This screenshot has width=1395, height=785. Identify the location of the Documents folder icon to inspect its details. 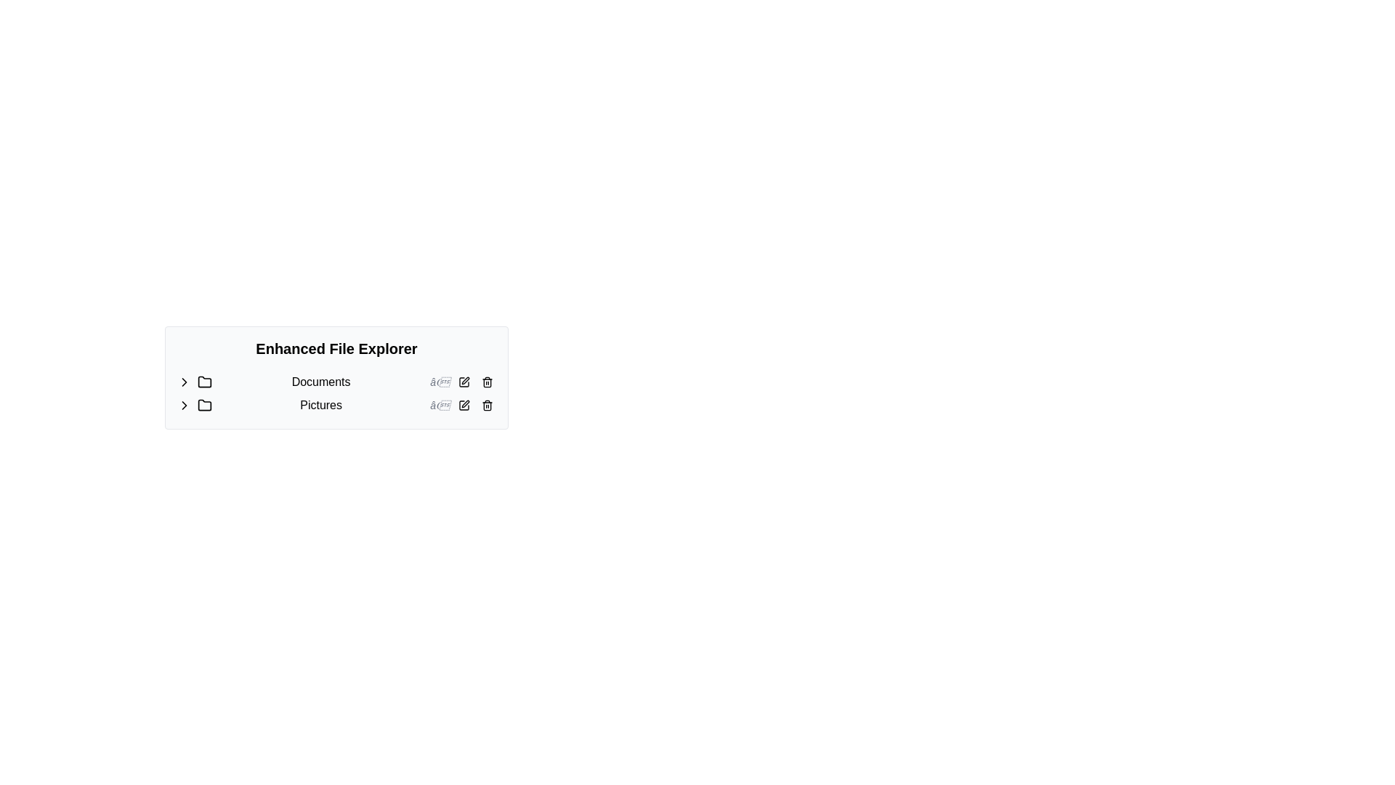
(204, 381).